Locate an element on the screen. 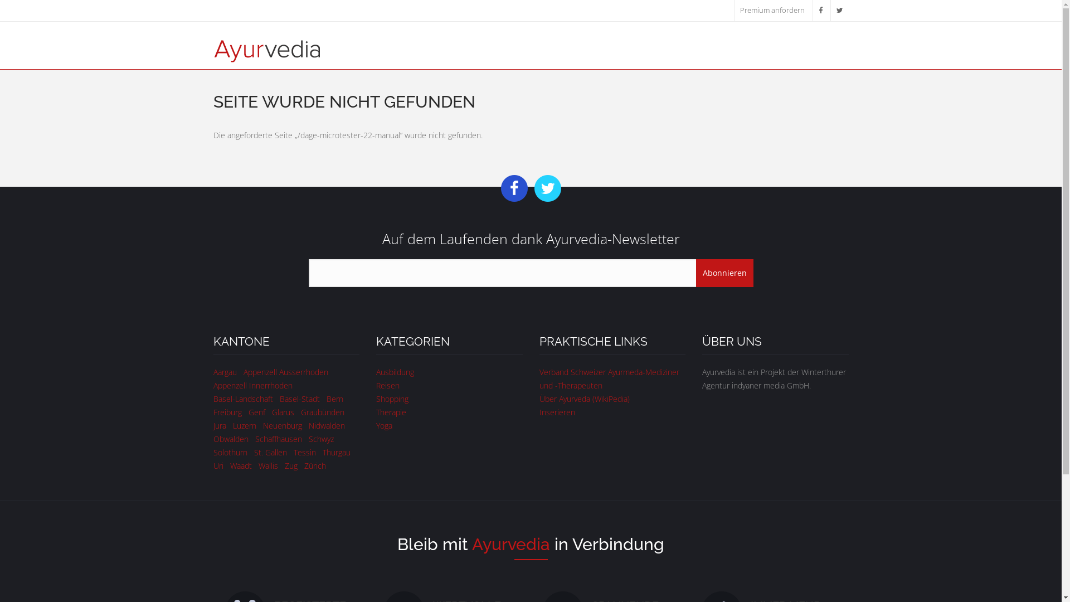 The width and height of the screenshot is (1070, 602). 'Zug' is located at coordinates (290, 465).